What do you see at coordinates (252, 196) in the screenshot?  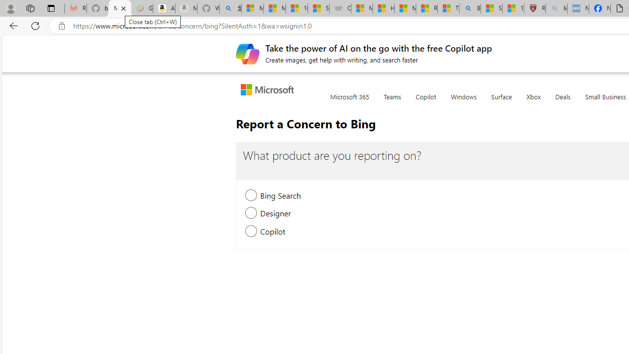 I see `'Bing Search, new section will be expanded'` at bounding box center [252, 196].